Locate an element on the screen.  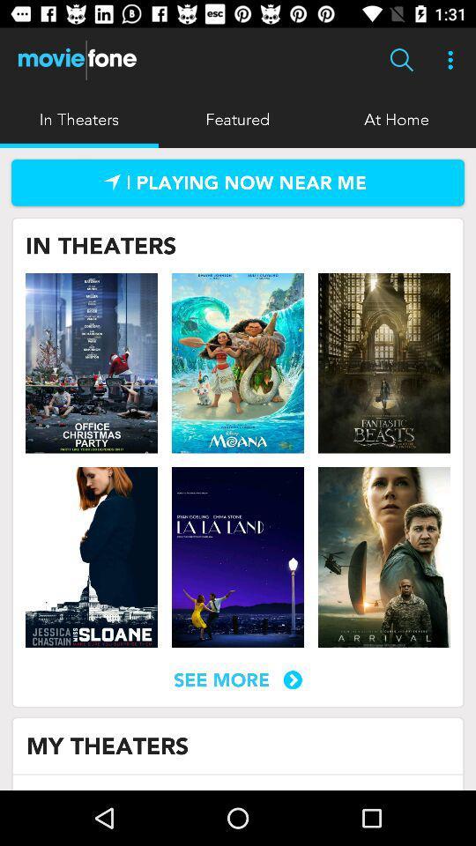
the icon below the see more icon is located at coordinates (108, 745).